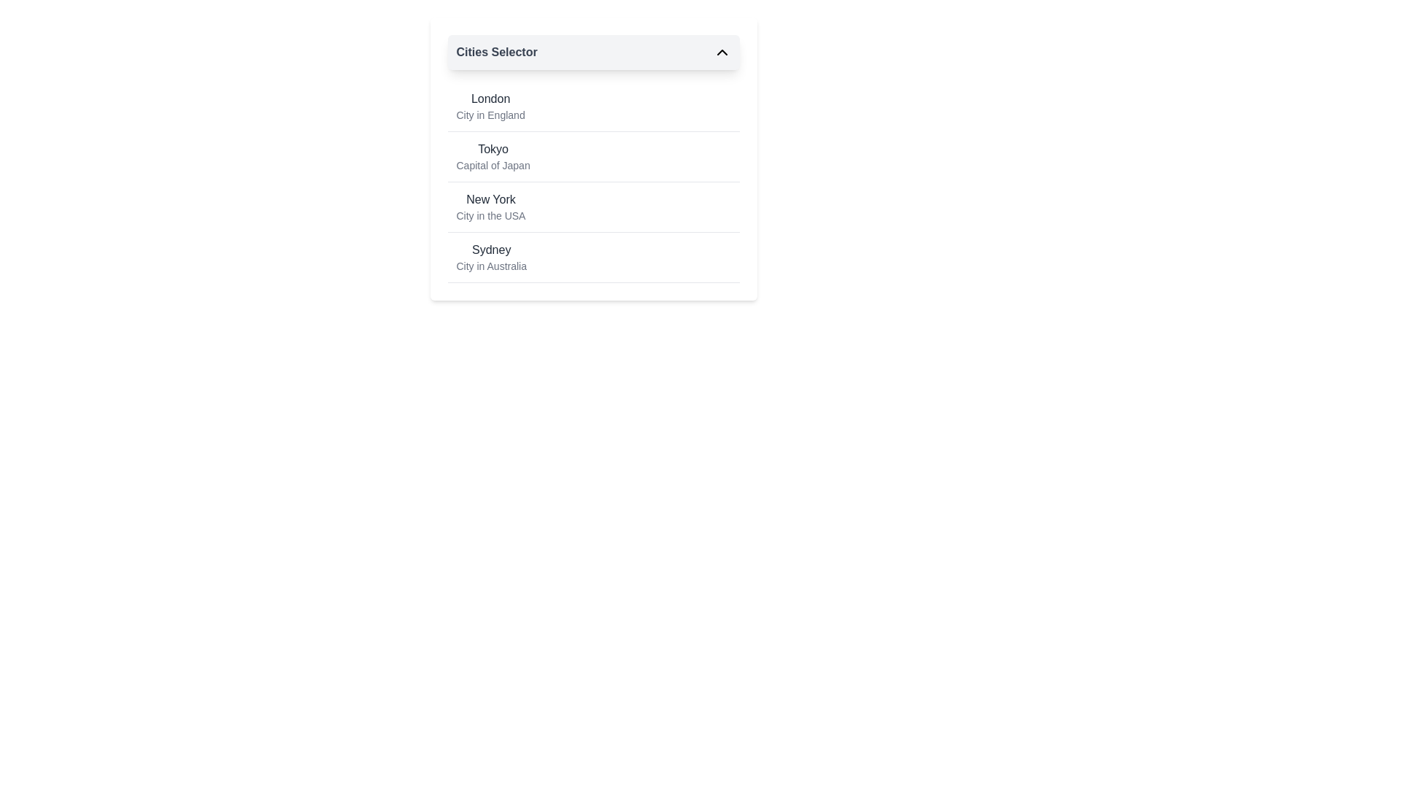 The image size is (1401, 788). Describe the element at coordinates (593, 257) in the screenshot. I see `the list item representing the city 'Sydney' with the description 'City in Australia'` at that location.